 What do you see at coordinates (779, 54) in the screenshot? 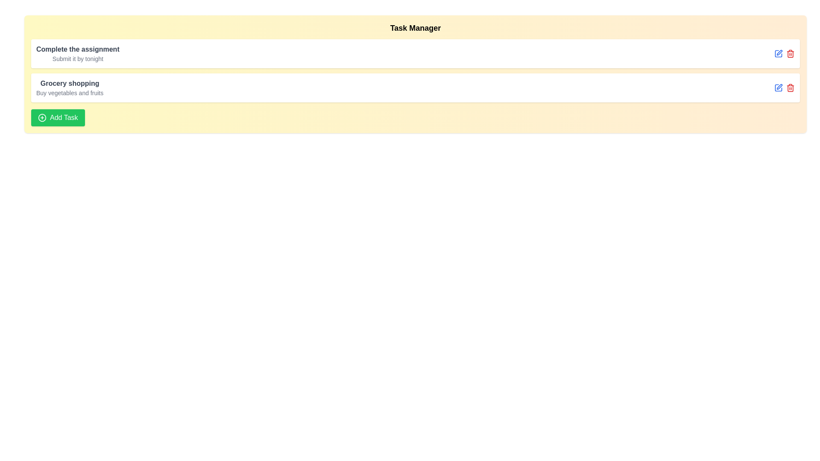
I see `the edit icon for the task titled 'Complete the assignment'` at bounding box center [779, 54].